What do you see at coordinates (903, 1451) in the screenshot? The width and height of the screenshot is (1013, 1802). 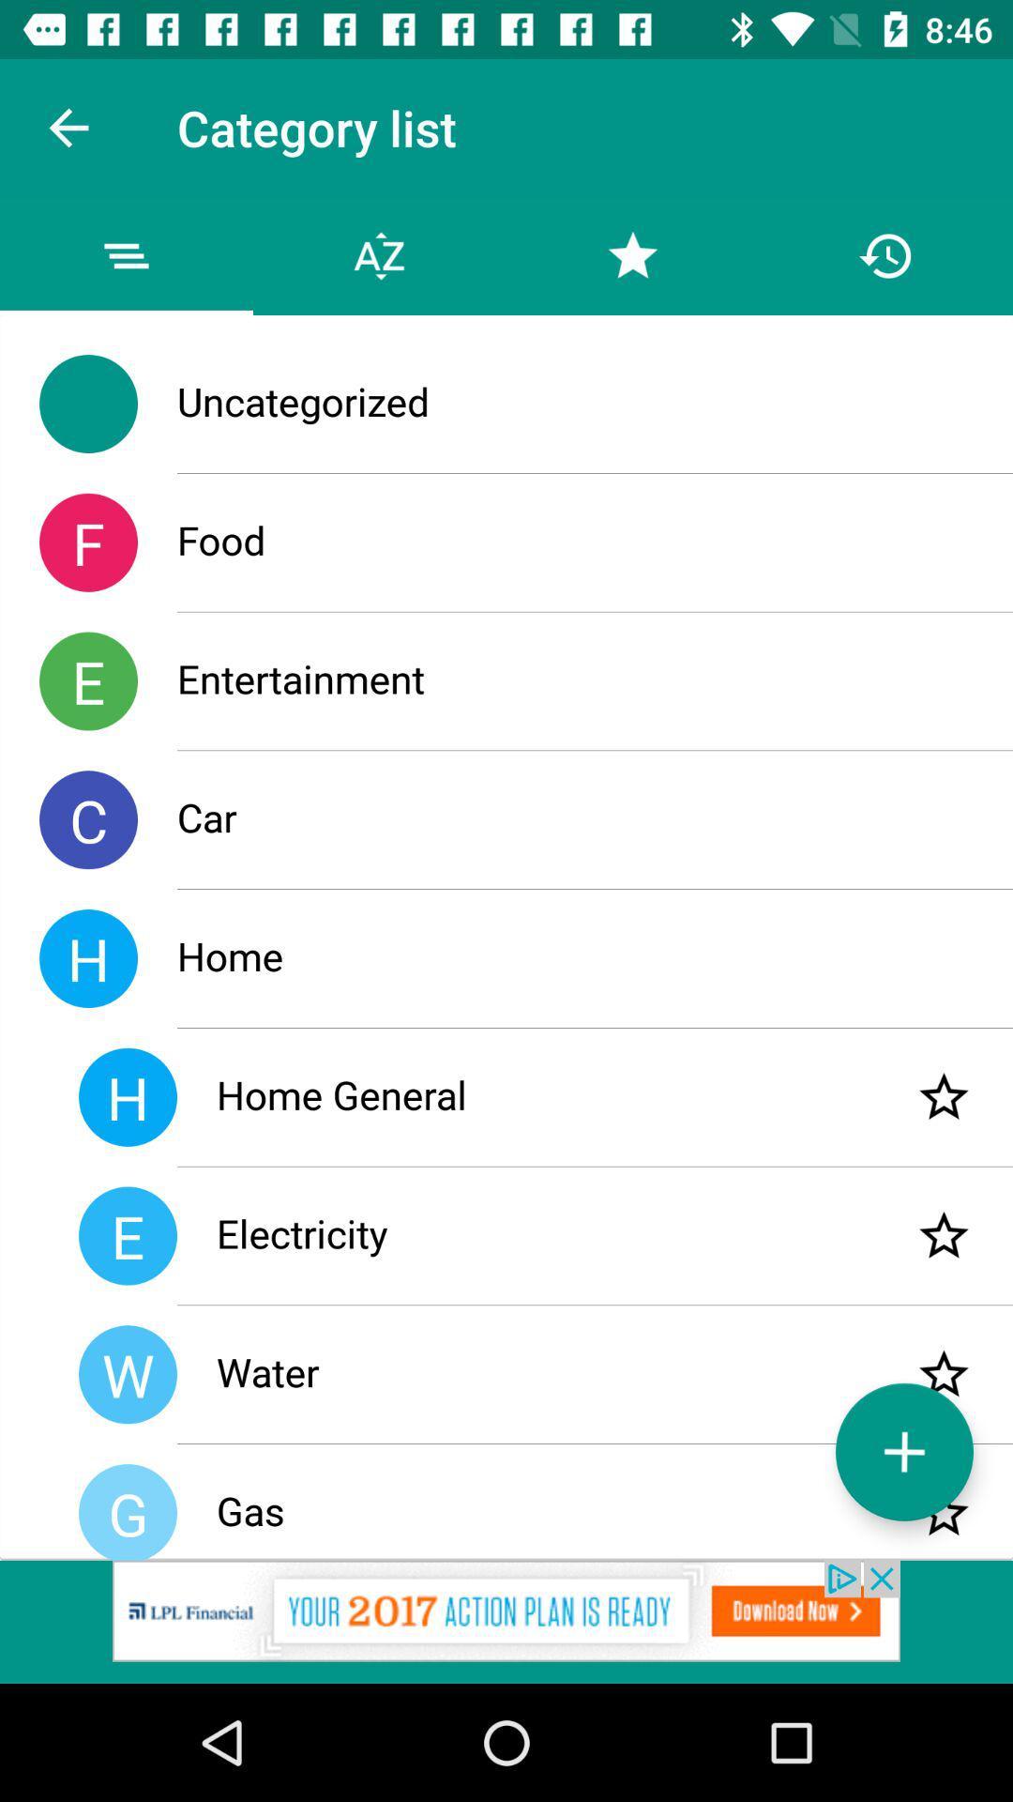 I see `the add icon` at bounding box center [903, 1451].